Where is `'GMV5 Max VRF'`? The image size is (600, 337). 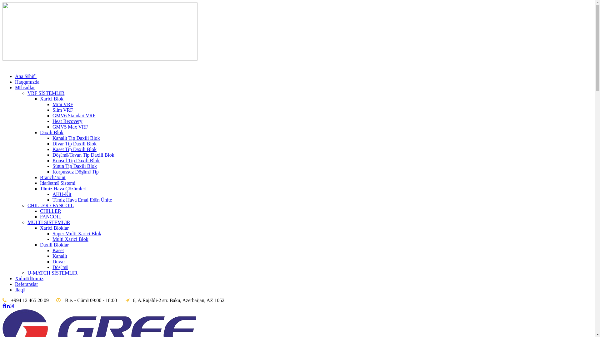 'GMV5 Max VRF' is located at coordinates (70, 126).